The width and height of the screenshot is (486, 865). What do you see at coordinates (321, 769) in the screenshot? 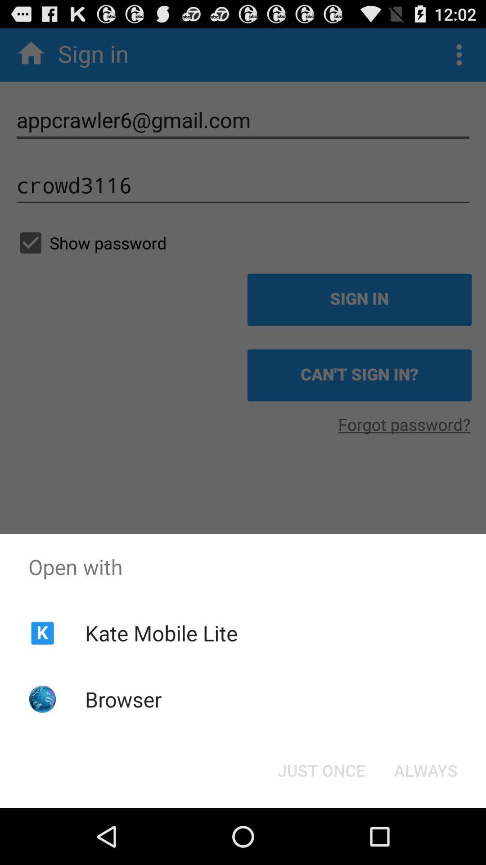
I see `the just once at the bottom` at bounding box center [321, 769].